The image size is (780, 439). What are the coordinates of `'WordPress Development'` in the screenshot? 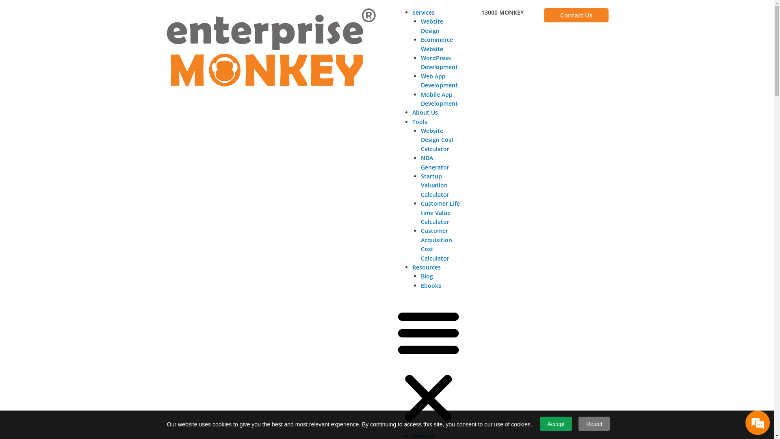 It's located at (421, 62).